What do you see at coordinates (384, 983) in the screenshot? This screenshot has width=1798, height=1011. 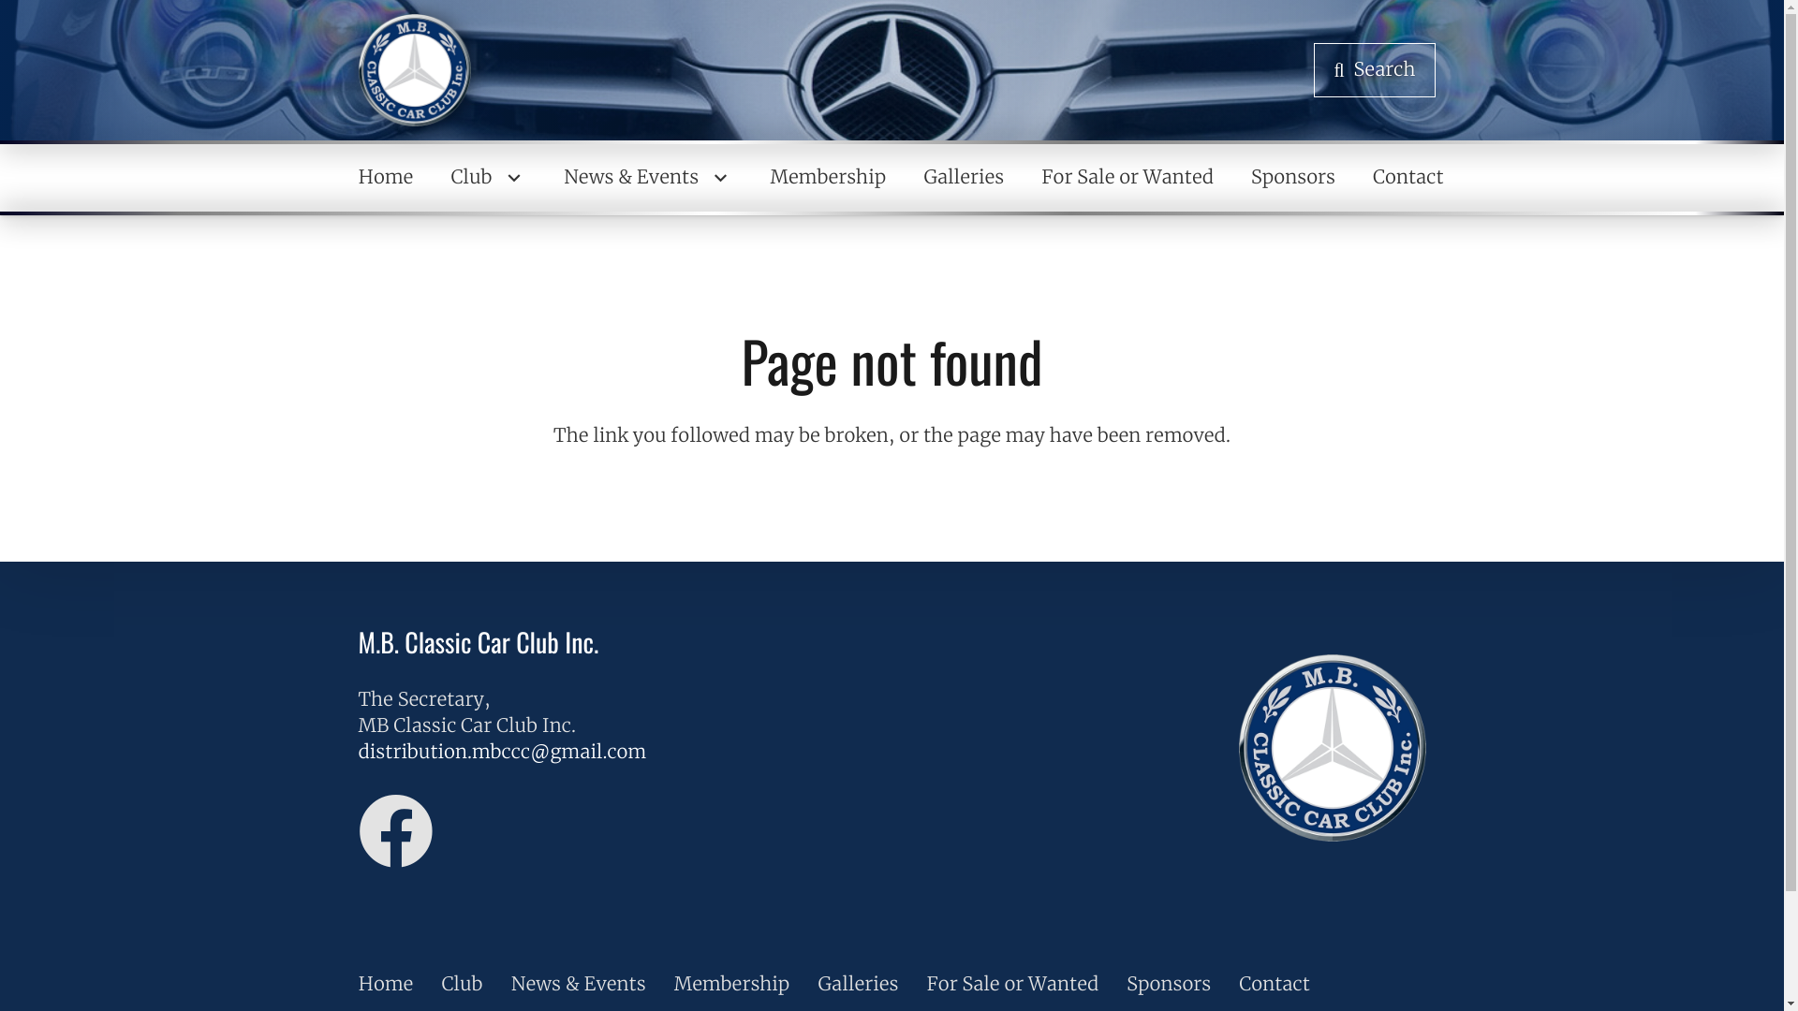 I see `'Home'` at bounding box center [384, 983].